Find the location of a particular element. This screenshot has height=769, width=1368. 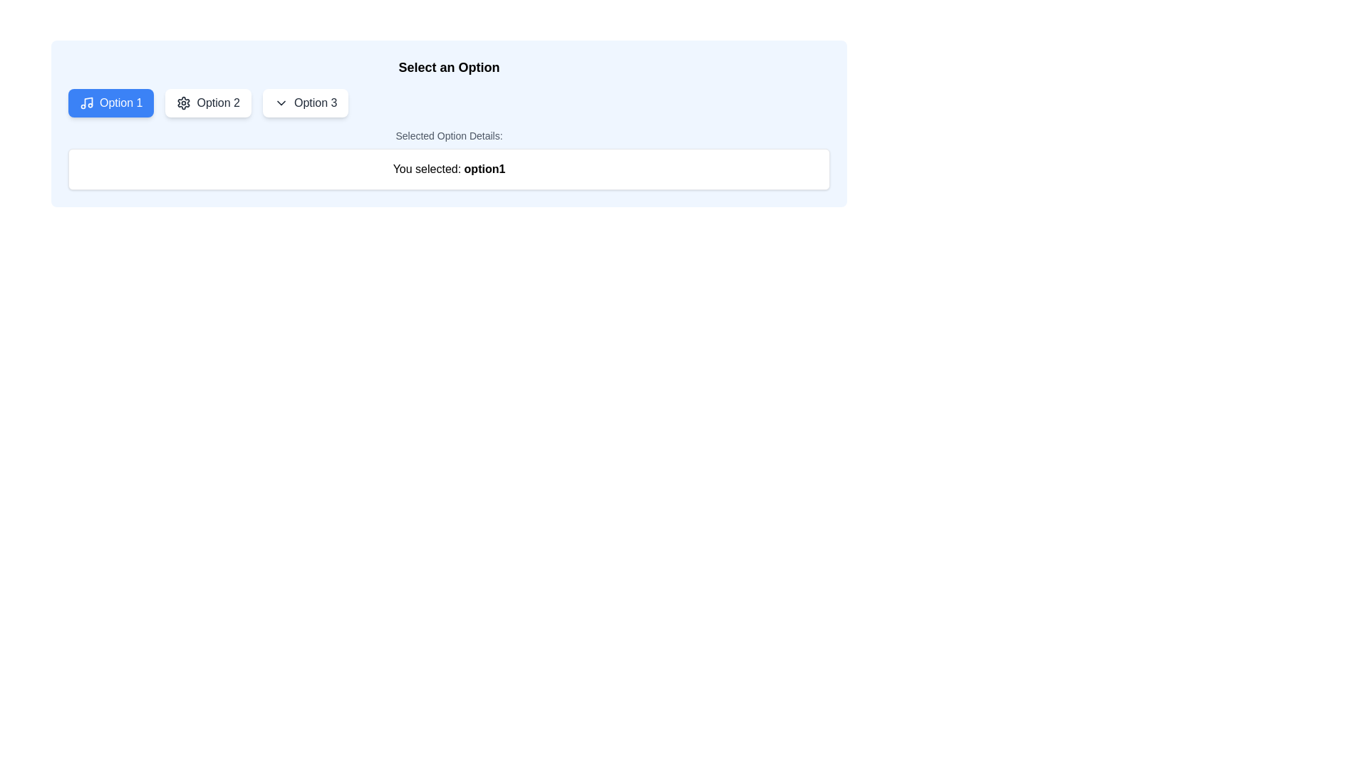

the Feedback Display Box that contains the text 'You selected: option1', which is styled in bold and located centrally below the label 'Selected Option Details:' is located at coordinates (448, 169).